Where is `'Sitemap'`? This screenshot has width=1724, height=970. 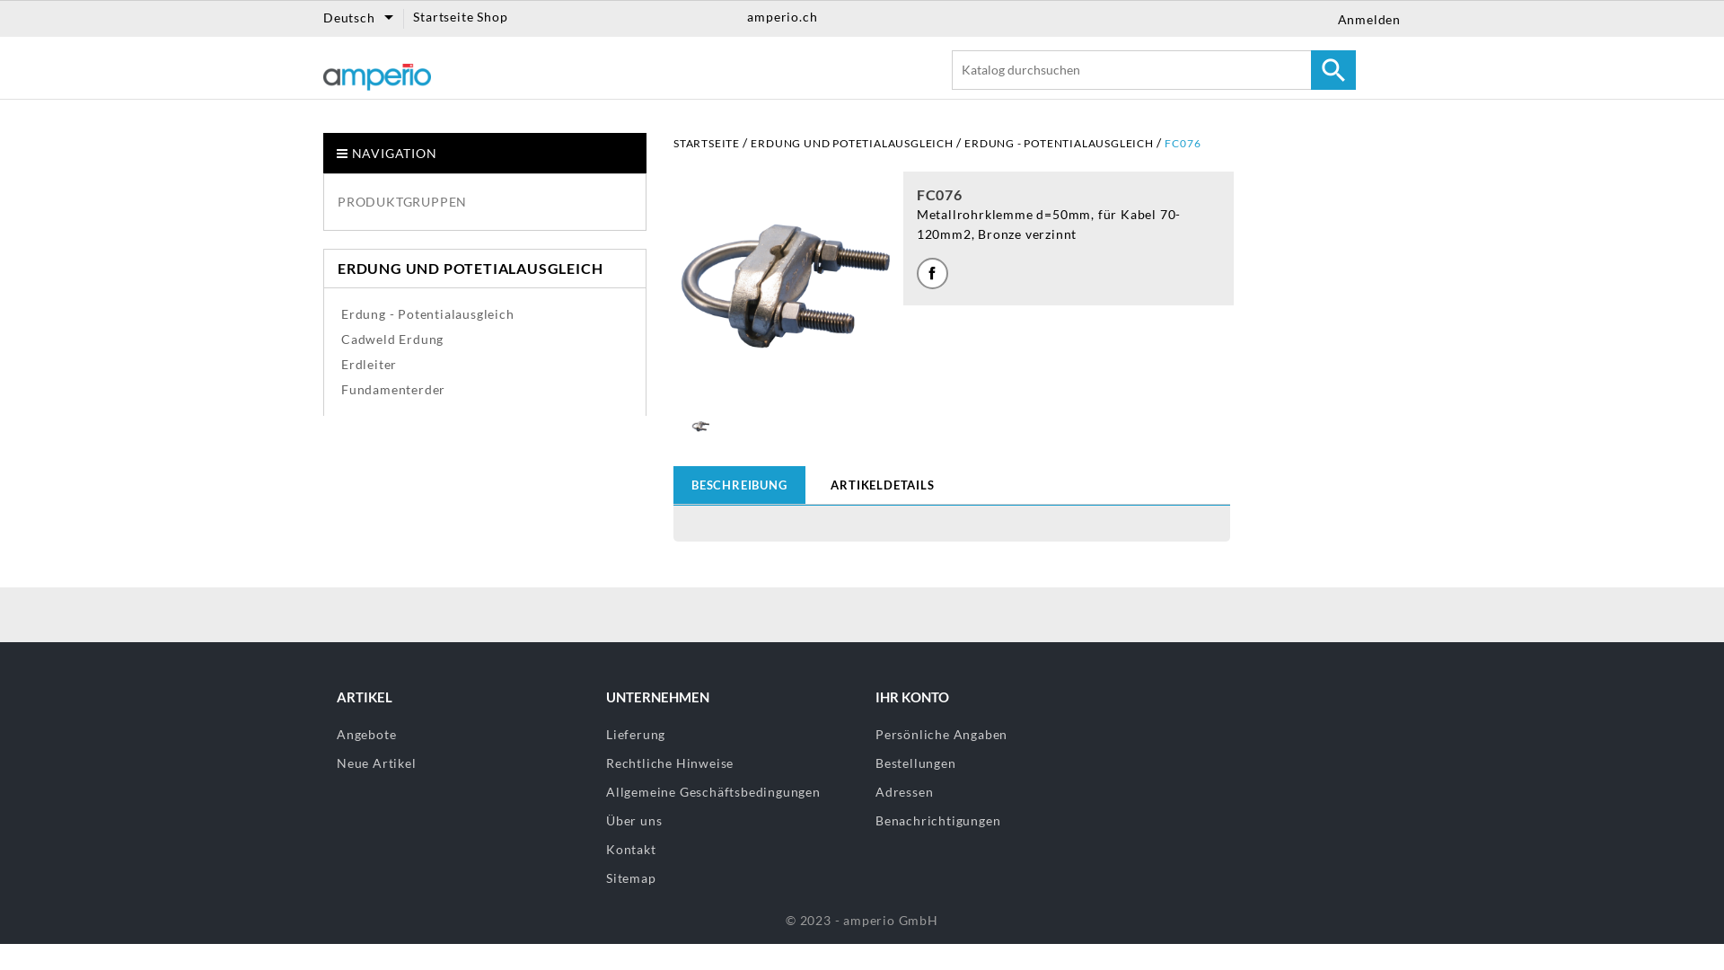 'Sitemap' is located at coordinates (606, 877).